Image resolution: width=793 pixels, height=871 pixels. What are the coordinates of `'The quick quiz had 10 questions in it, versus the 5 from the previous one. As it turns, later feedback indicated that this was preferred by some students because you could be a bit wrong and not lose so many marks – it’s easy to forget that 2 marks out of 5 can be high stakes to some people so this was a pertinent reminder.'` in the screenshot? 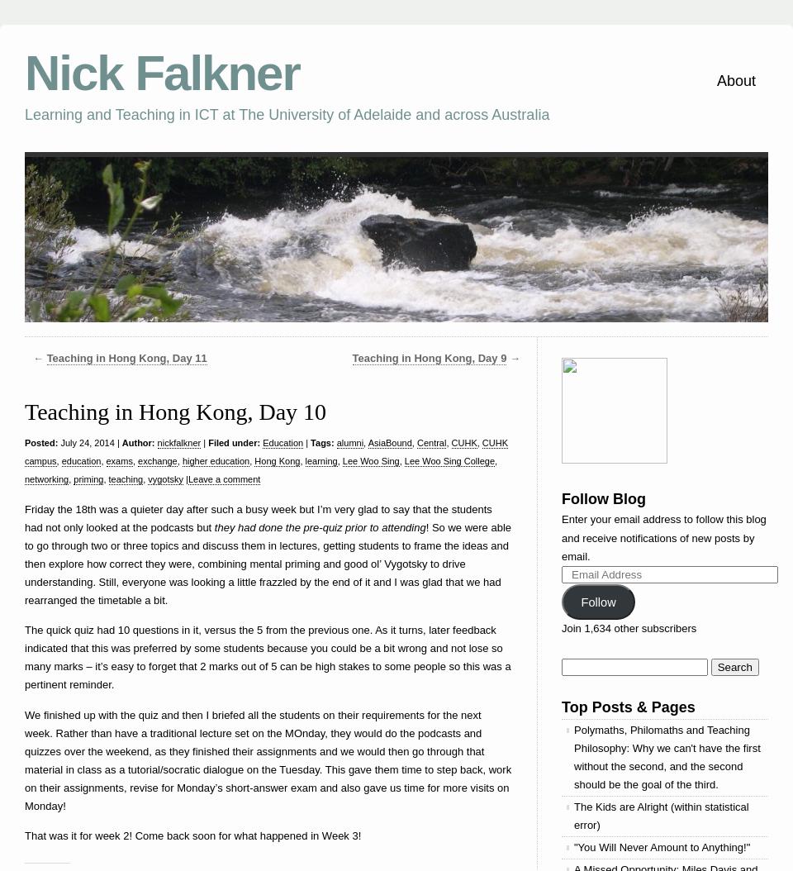 It's located at (268, 656).